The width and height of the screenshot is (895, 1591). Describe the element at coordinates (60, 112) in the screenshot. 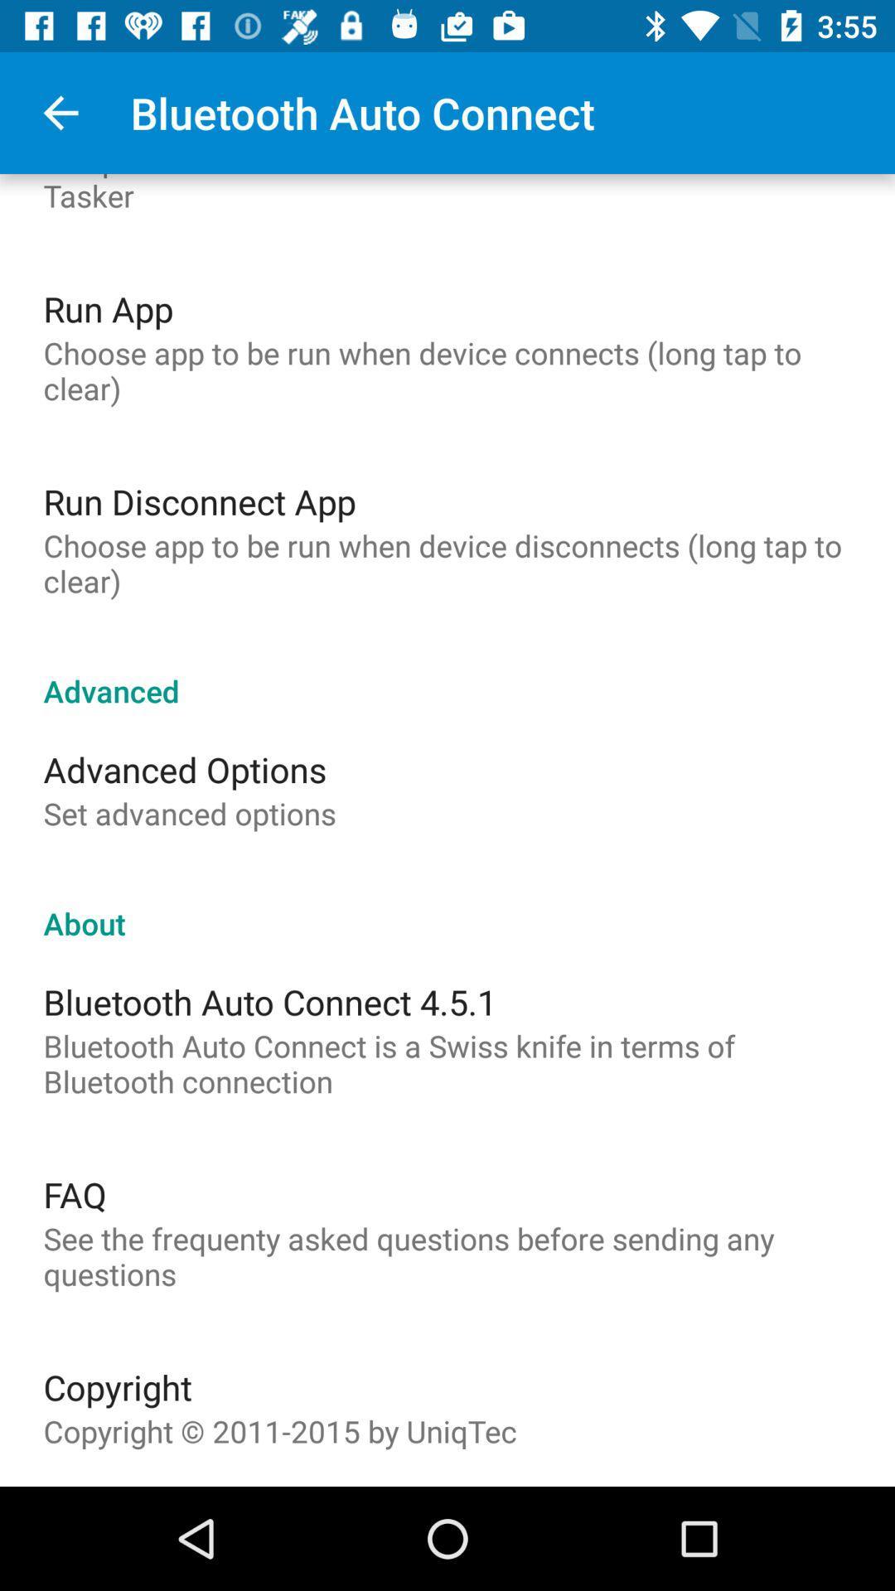

I see `the icon to the left of the bluetooth auto connect icon` at that location.